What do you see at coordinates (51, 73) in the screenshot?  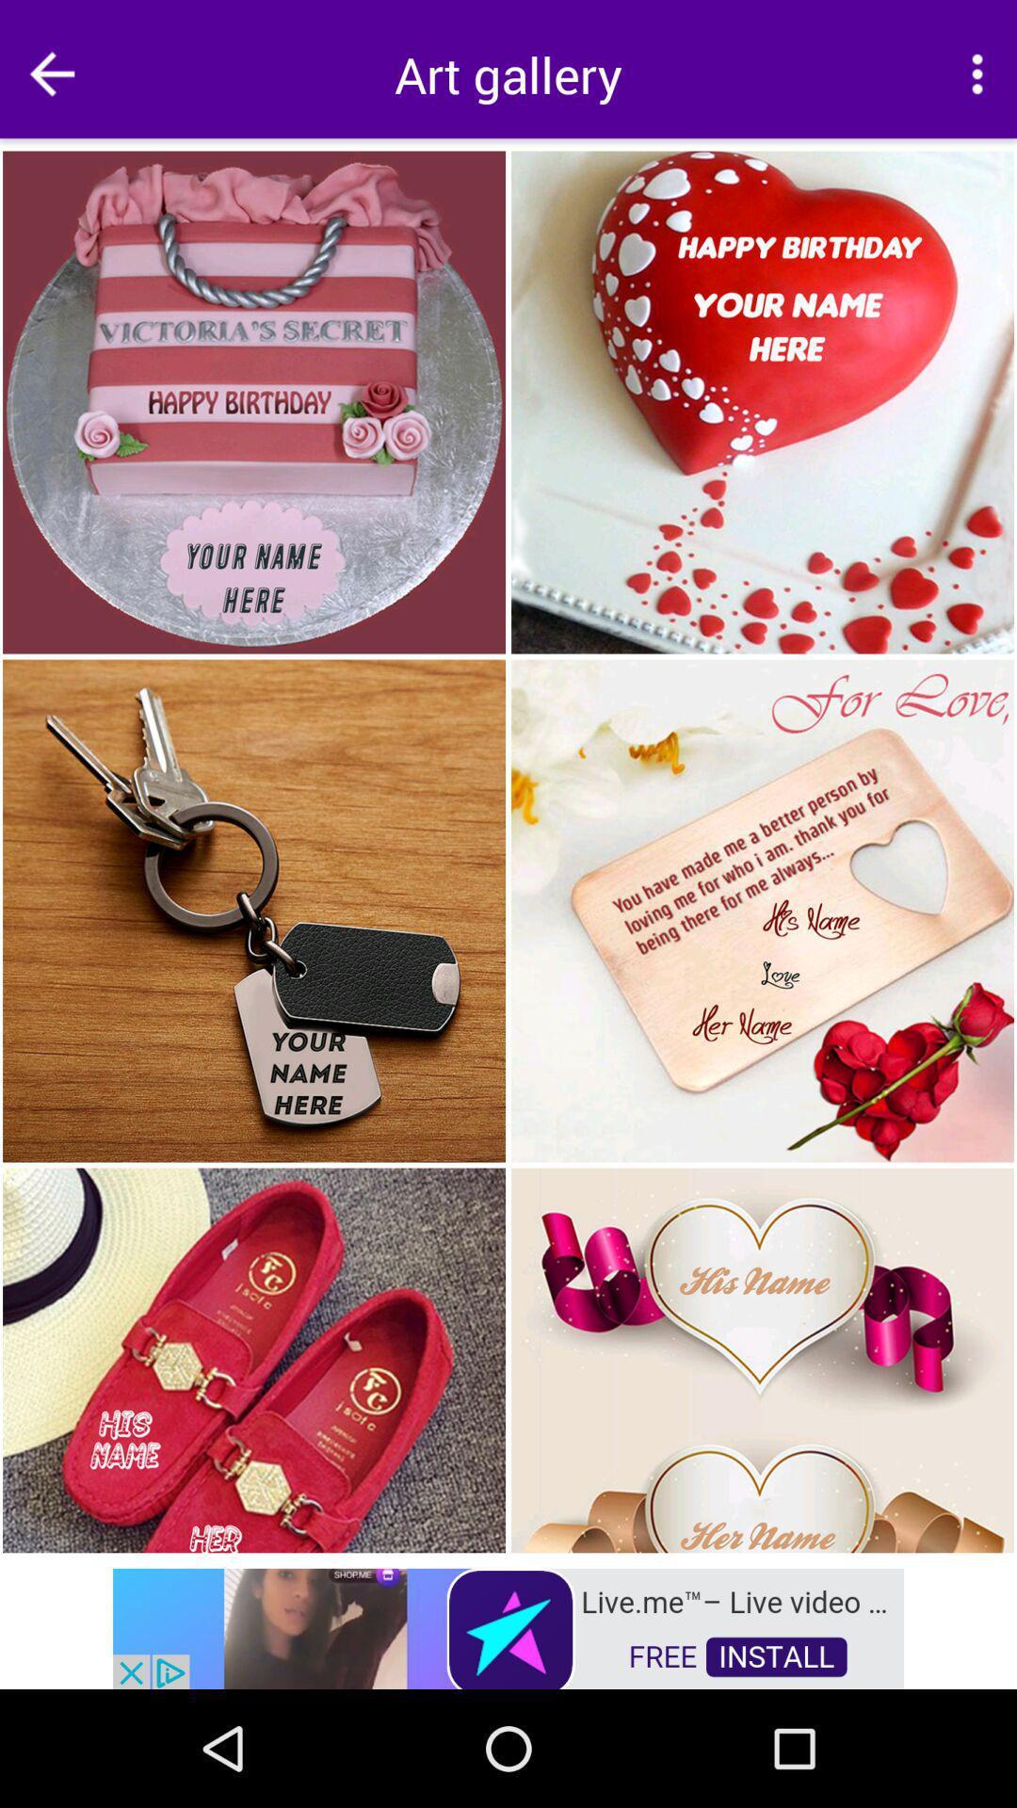 I see `go back` at bounding box center [51, 73].